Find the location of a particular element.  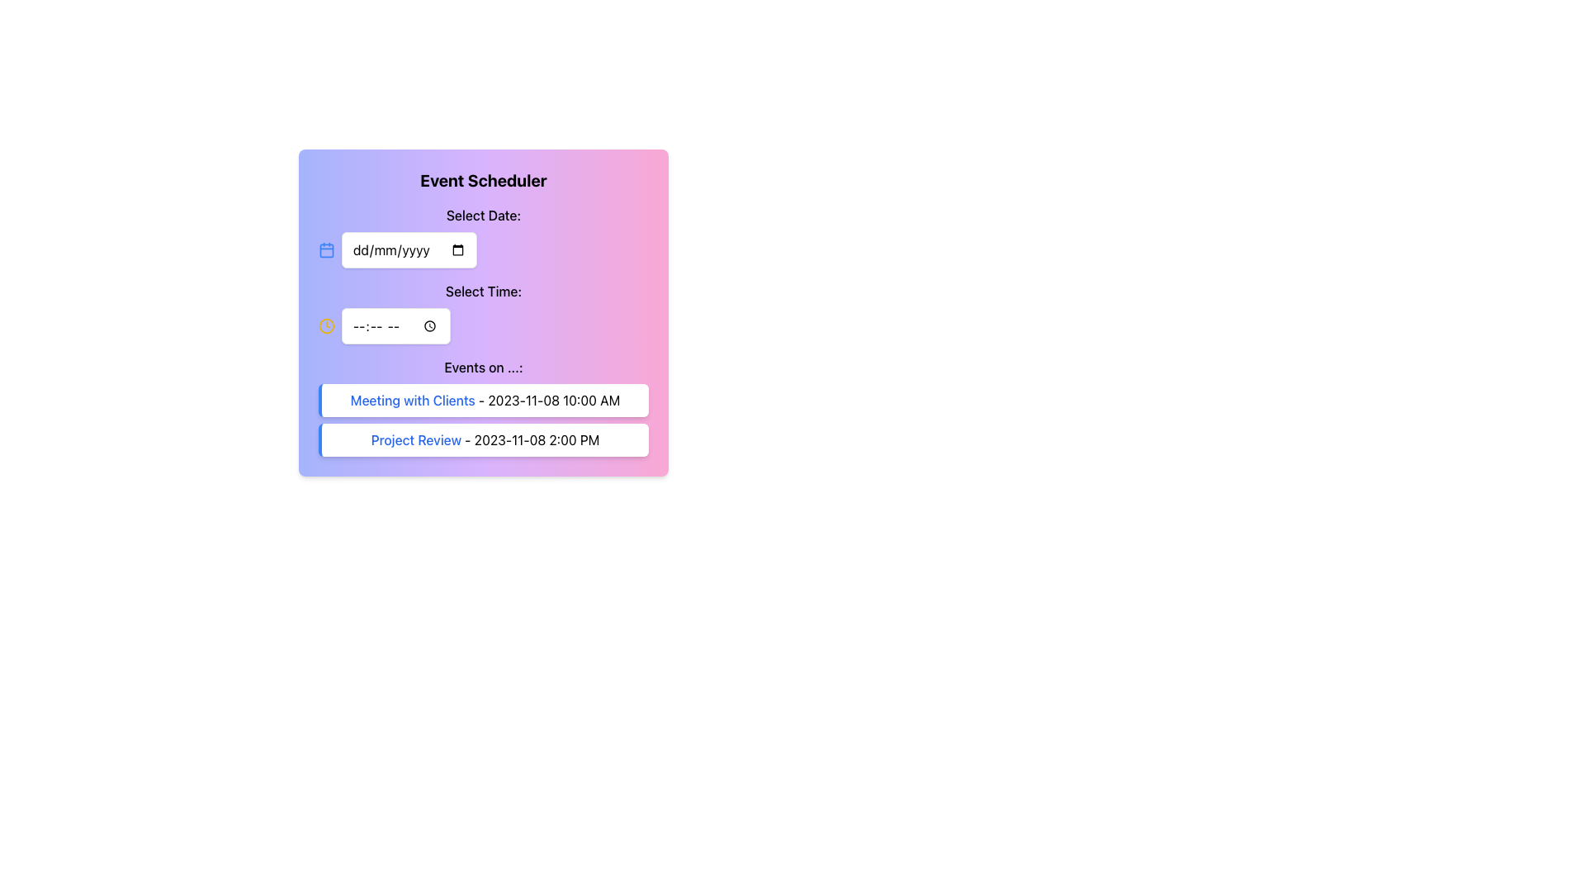

the decorative circular border within the clock-shaped icon, which is located to the right of the 'Select Time' text field in the scheduling interface is located at coordinates (326, 325).